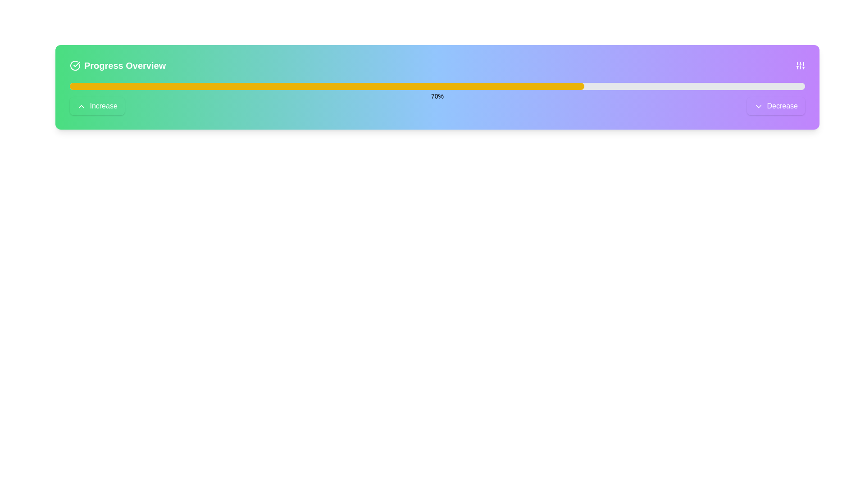 This screenshot has width=865, height=486. What do you see at coordinates (800, 65) in the screenshot?
I see `the icon resembling vertical sliders, located at the top-right corner of the 'Progress Overview' section` at bounding box center [800, 65].